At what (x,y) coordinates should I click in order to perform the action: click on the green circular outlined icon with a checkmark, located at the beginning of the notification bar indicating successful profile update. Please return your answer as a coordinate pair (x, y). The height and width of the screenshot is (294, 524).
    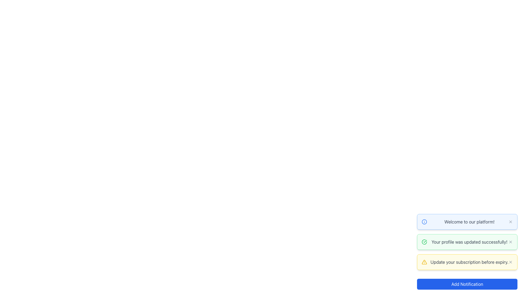
    Looking at the image, I should click on (424, 241).